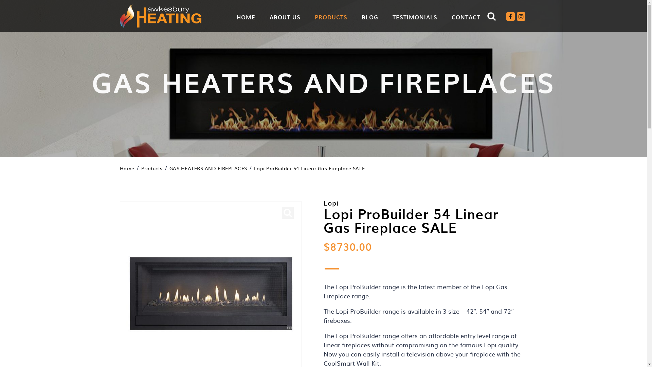  I want to click on 'PRODUCTS', so click(331, 17).